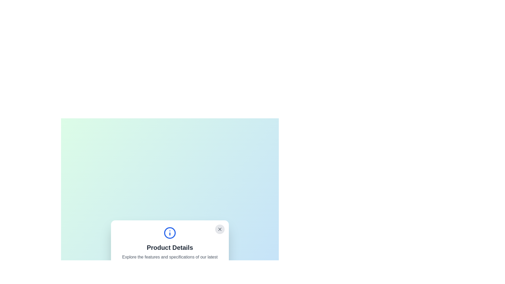 The height and width of the screenshot is (284, 505). What do you see at coordinates (220, 229) in the screenshot?
I see `the close button located at the top-right corner of the 'Product Details' dialog box` at bounding box center [220, 229].